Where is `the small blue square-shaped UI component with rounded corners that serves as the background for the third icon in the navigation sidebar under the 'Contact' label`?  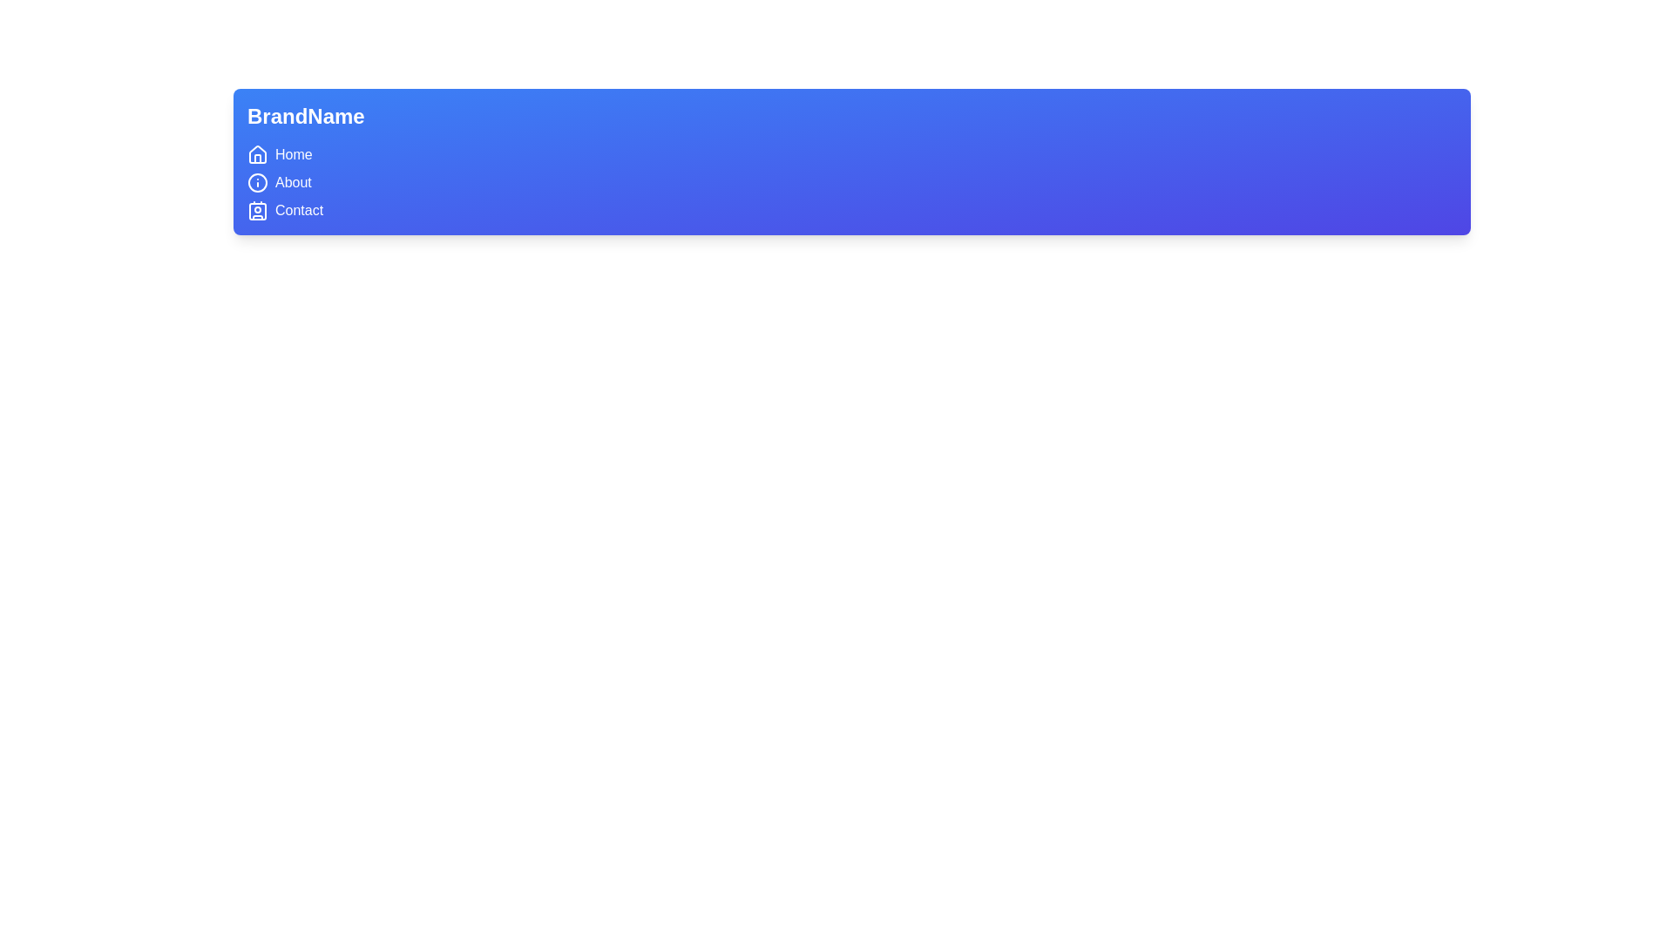
the small blue square-shaped UI component with rounded corners that serves as the background for the third icon in the navigation sidebar under the 'Contact' label is located at coordinates (257, 211).